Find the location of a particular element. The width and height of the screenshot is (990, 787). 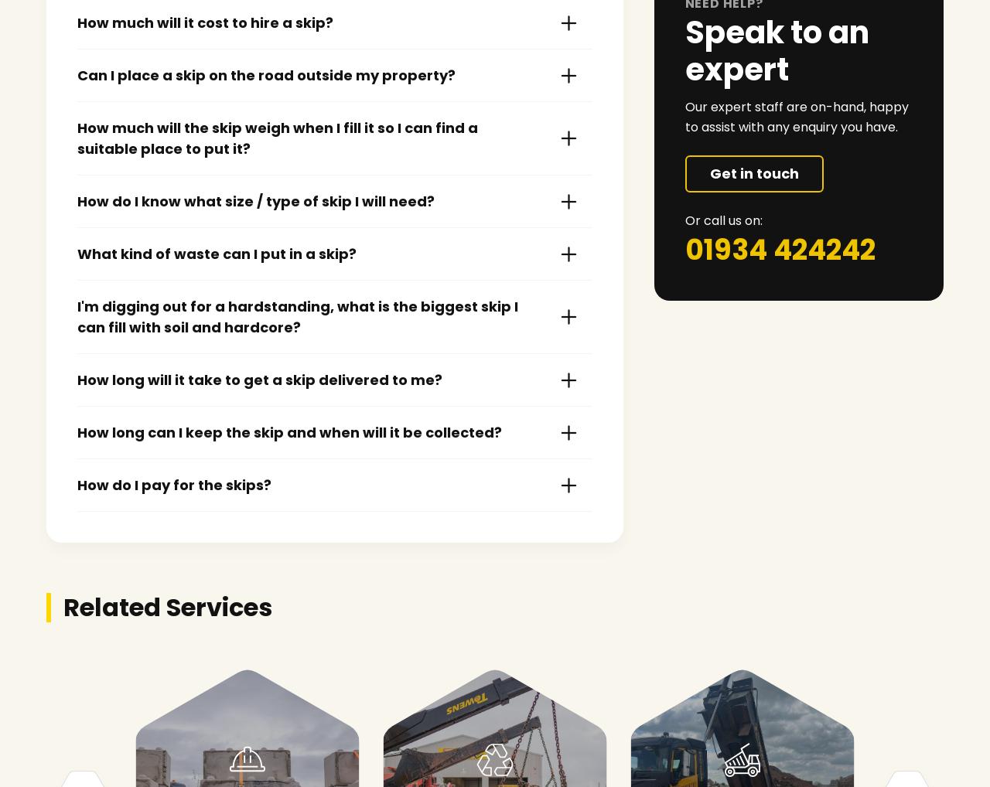

'Tippers & Muck Away' is located at coordinates (742, 753).